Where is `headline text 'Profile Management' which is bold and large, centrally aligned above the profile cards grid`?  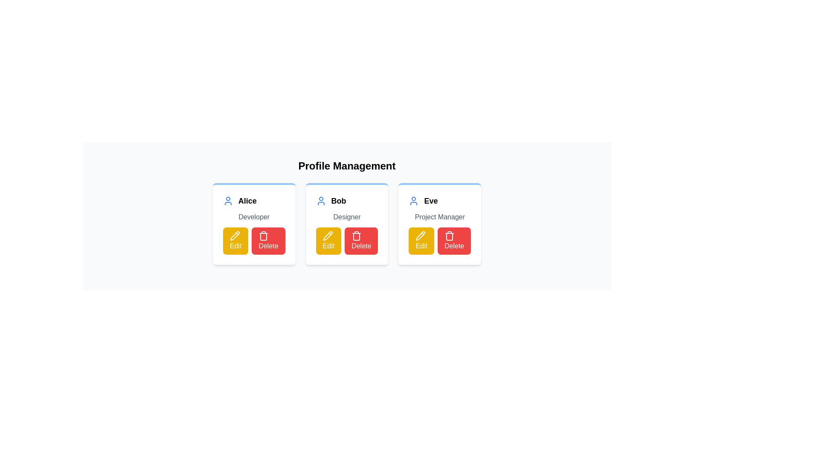
headline text 'Profile Management' which is bold and large, centrally aligned above the profile cards grid is located at coordinates (347, 166).